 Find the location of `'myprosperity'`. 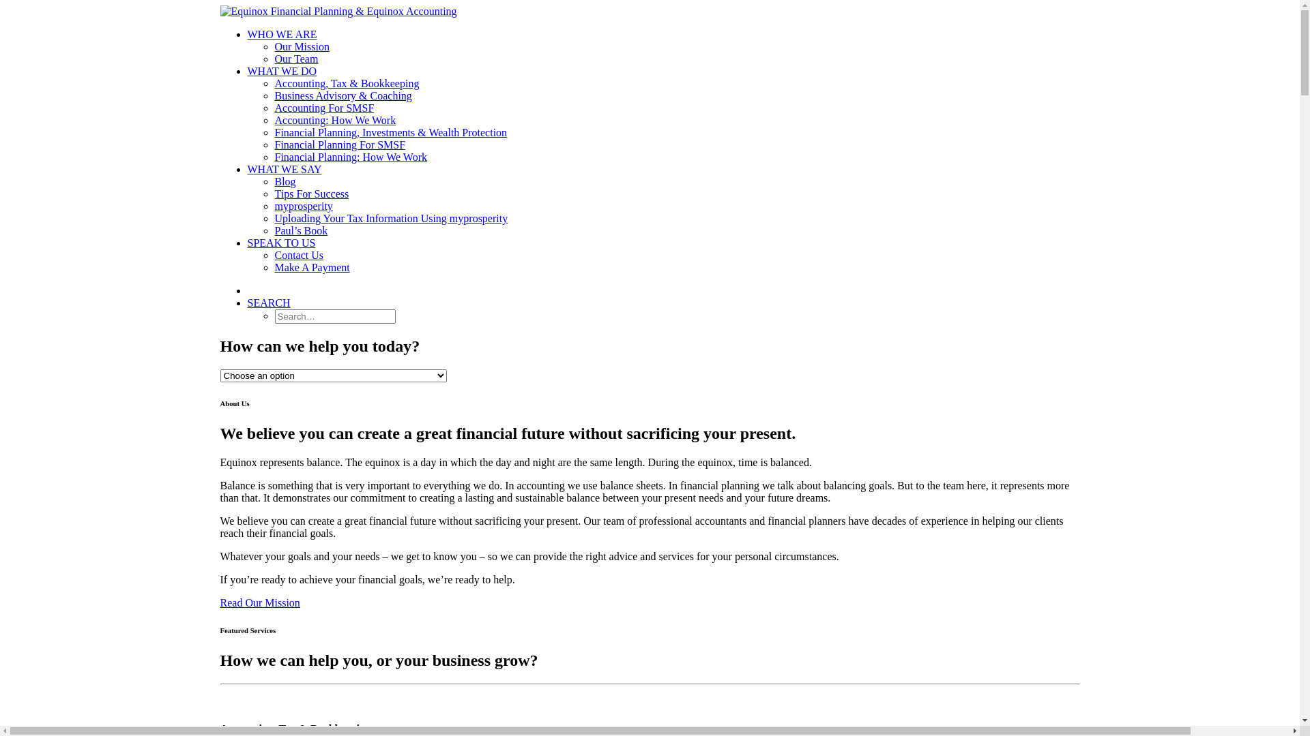

'myprosperity' is located at coordinates (302, 206).